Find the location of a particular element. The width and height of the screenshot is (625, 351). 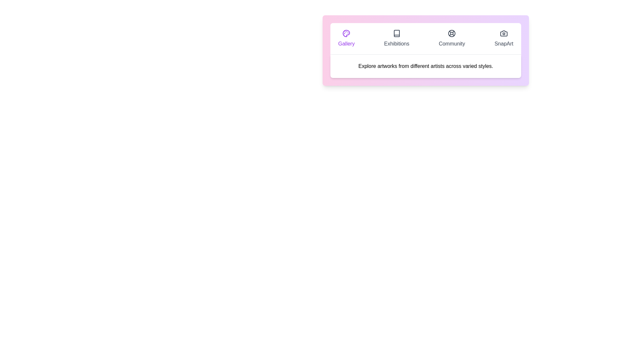

the tab labeled SnapArt is located at coordinates (504, 39).